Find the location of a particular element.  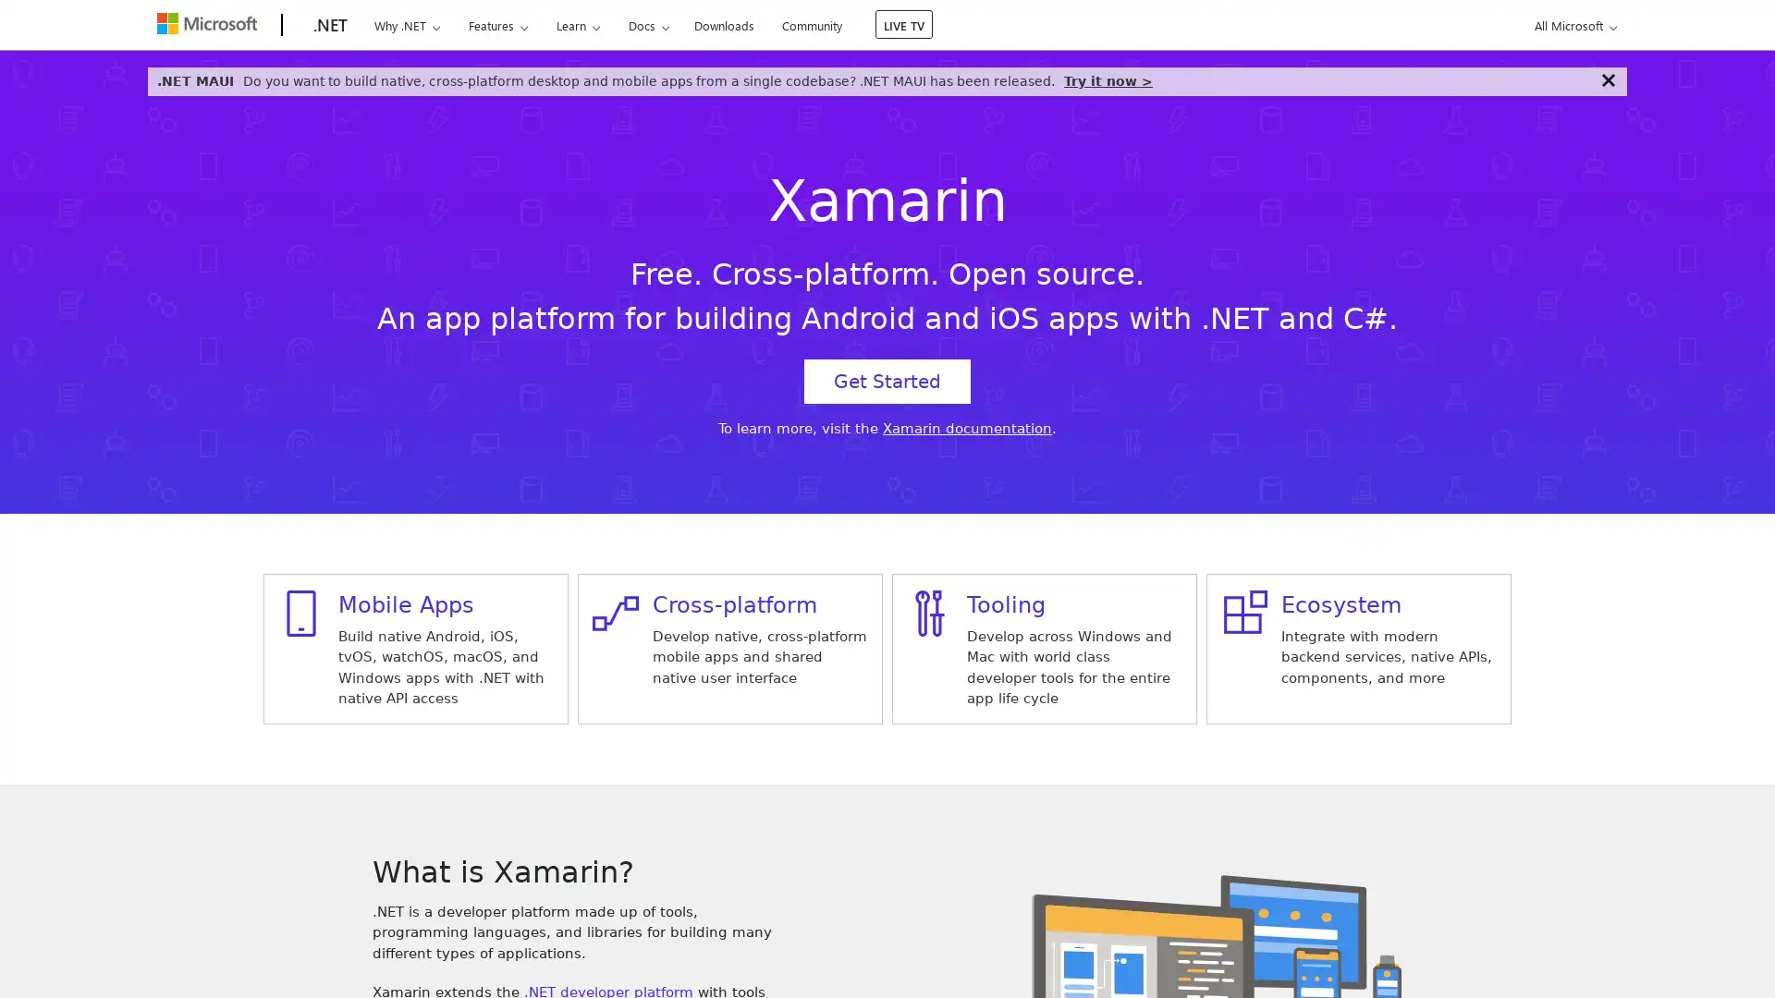

close is located at coordinates (1607, 79).